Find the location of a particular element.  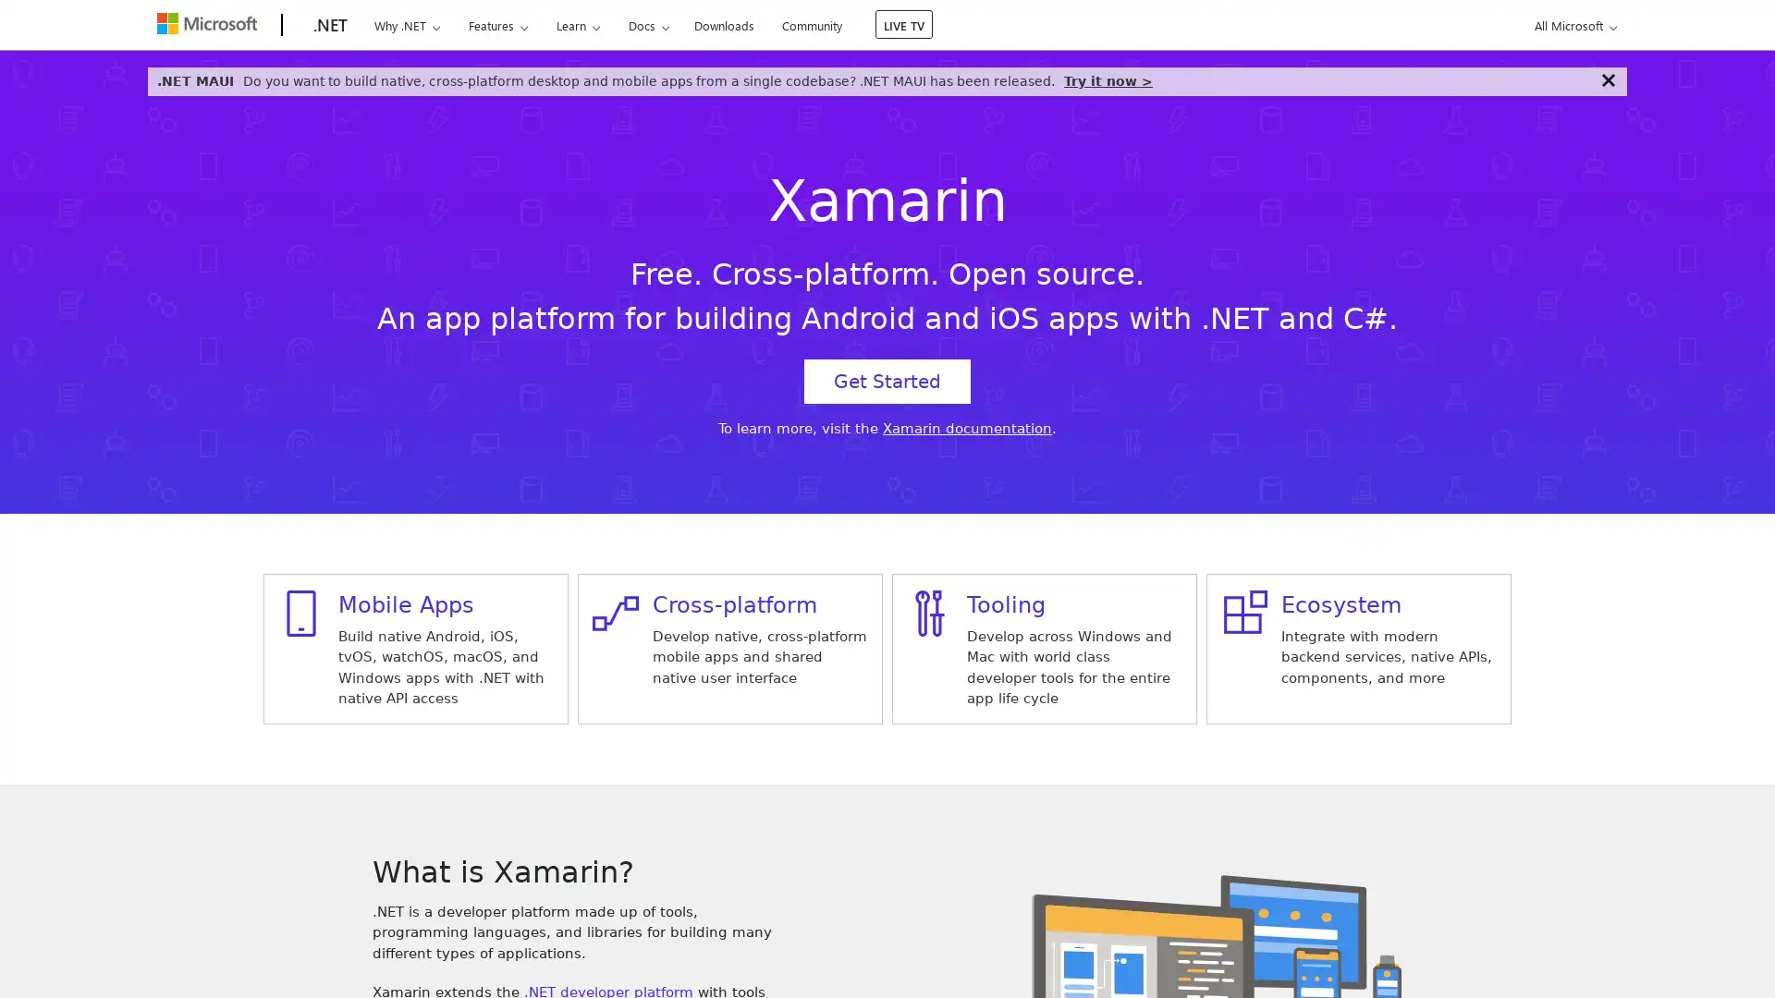

close is located at coordinates (1607, 79).